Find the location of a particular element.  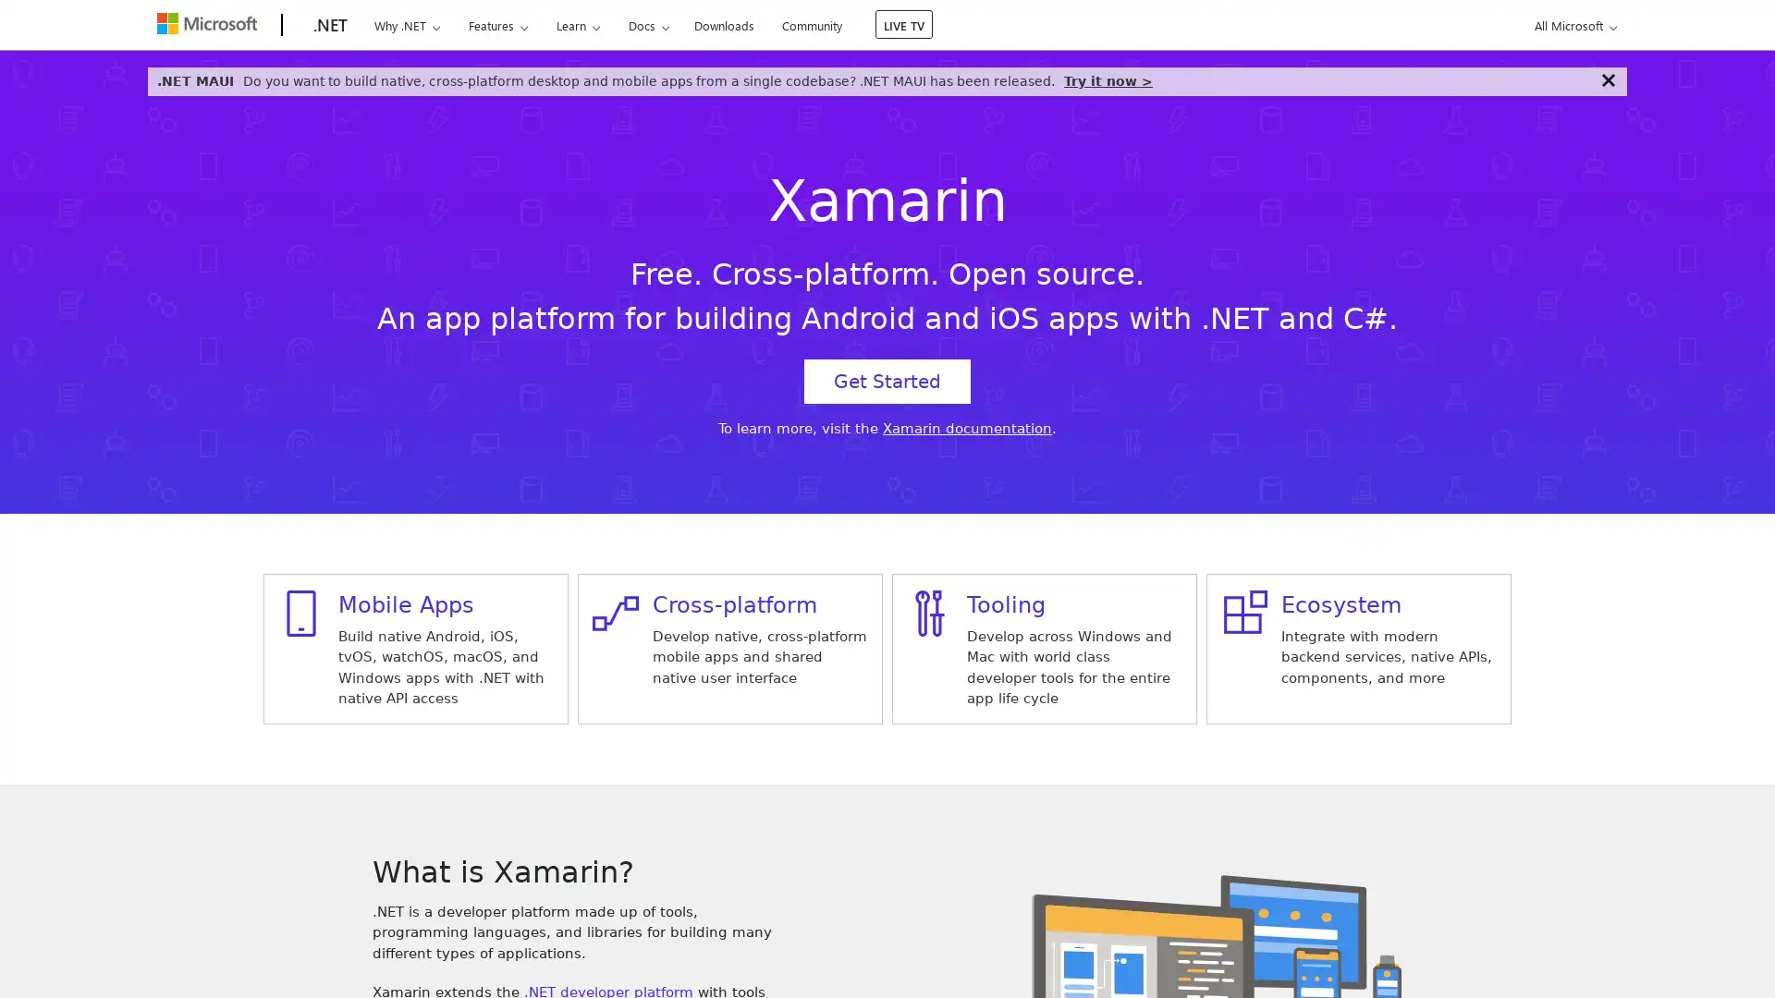

close is located at coordinates (1607, 79).